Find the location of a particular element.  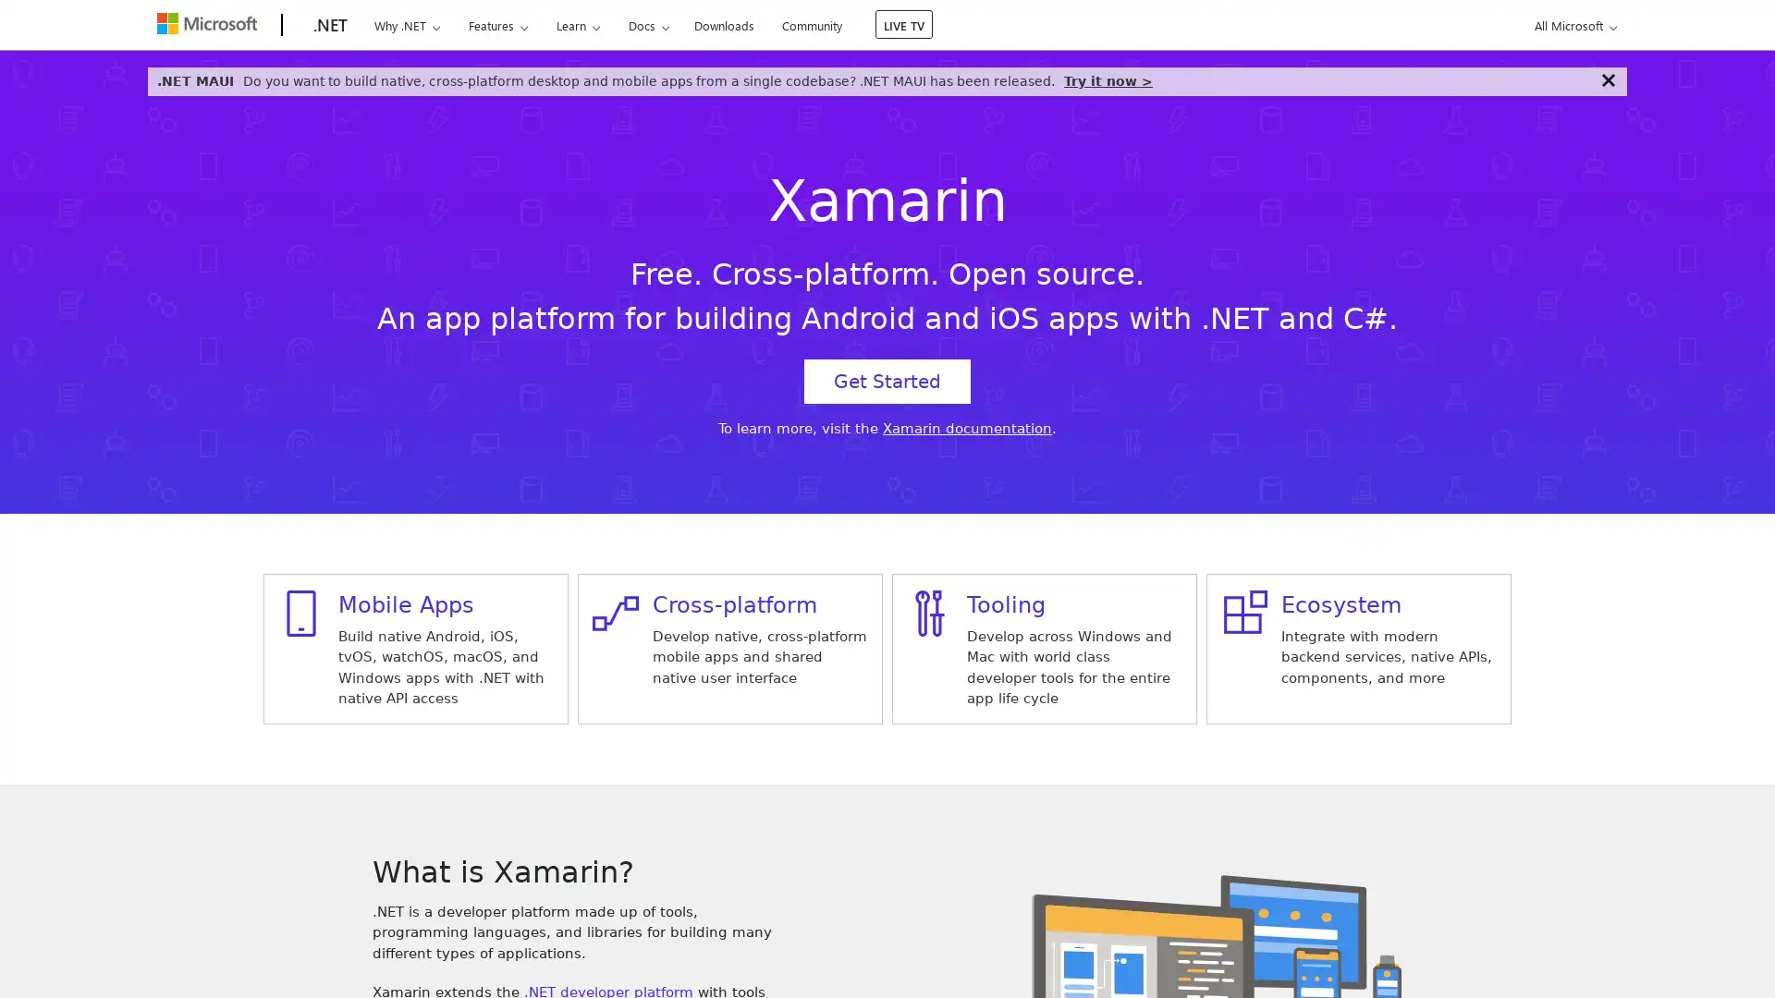

close is located at coordinates (1607, 79).